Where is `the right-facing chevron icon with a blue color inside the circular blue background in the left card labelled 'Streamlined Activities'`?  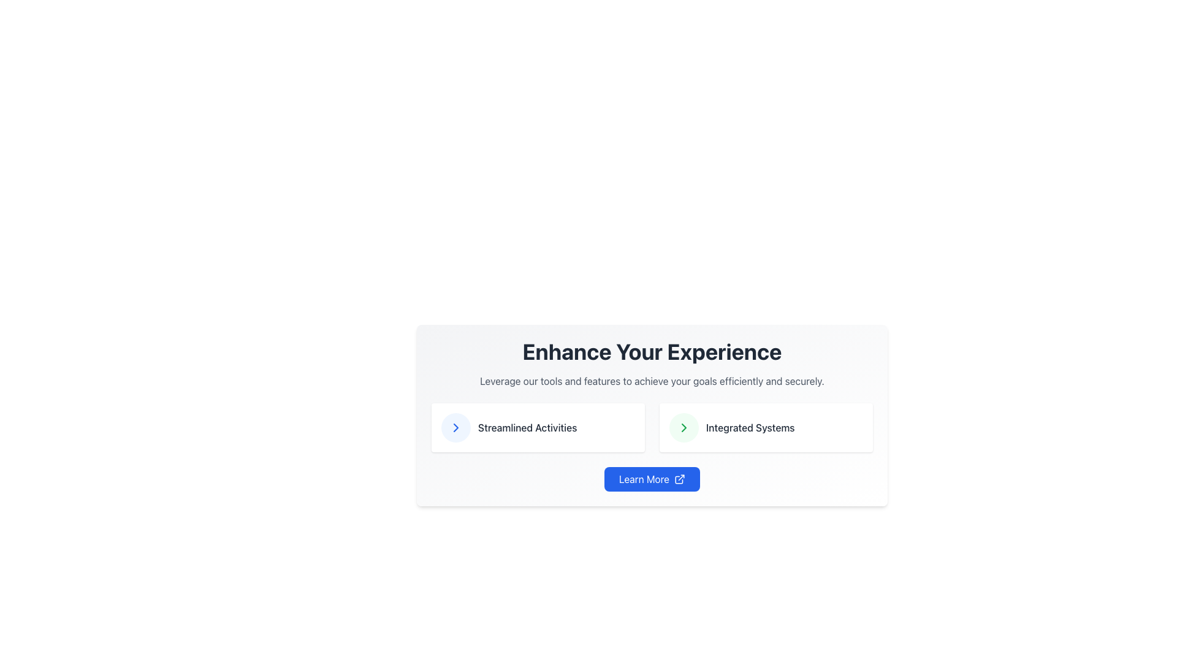 the right-facing chevron icon with a blue color inside the circular blue background in the left card labelled 'Streamlined Activities' is located at coordinates (455, 427).